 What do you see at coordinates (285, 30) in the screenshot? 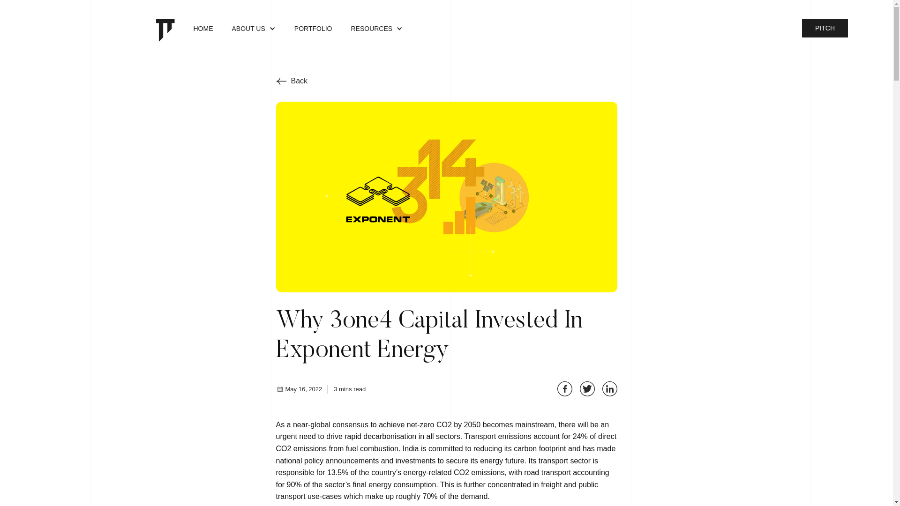
I see `'PORTFOLIO'` at bounding box center [285, 30].